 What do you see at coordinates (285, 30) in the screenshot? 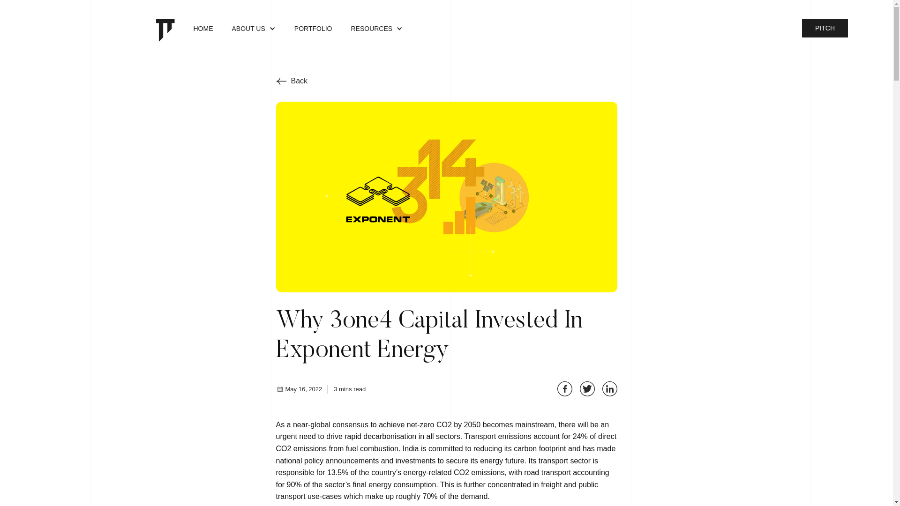
I see `'PORTFOLIO'` at bounding box center [285, 30].